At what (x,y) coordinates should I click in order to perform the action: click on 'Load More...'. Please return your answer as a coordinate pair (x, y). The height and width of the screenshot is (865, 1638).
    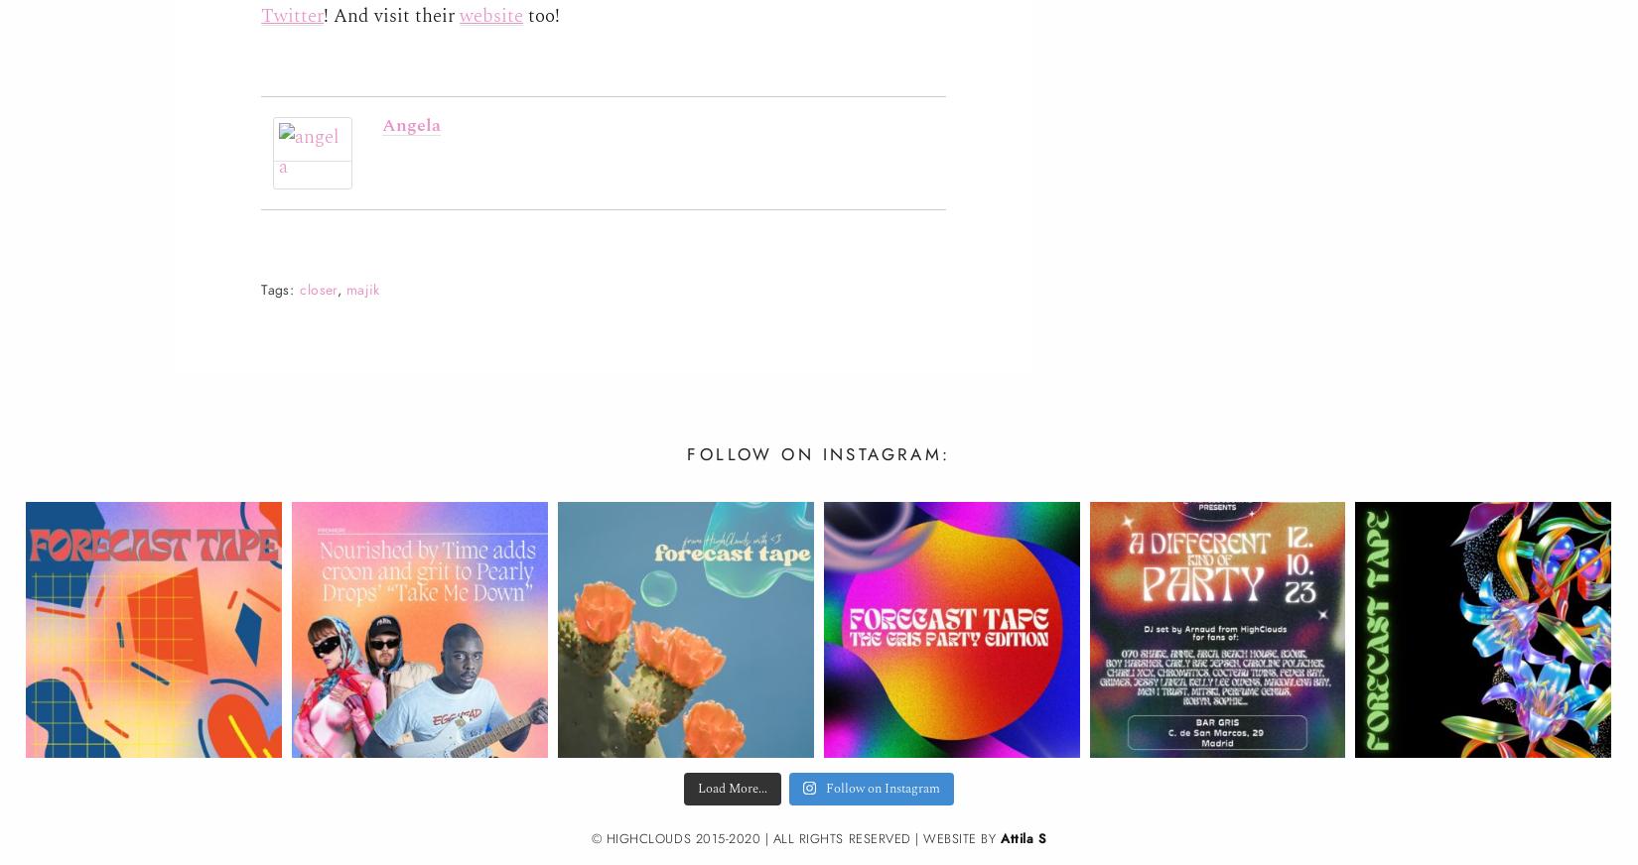
    Looking at the image, I should click on (731, 788).